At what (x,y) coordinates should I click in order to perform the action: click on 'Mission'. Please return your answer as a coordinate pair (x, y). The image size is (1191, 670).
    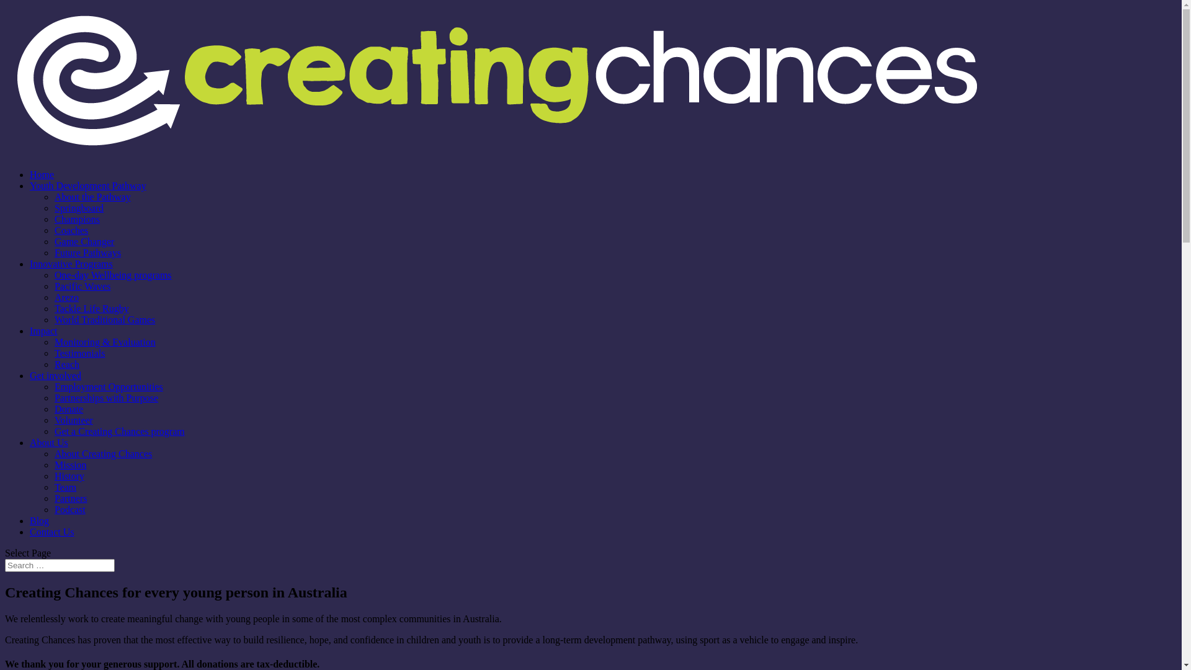
    Looking at the image, I should click on (70, 465).